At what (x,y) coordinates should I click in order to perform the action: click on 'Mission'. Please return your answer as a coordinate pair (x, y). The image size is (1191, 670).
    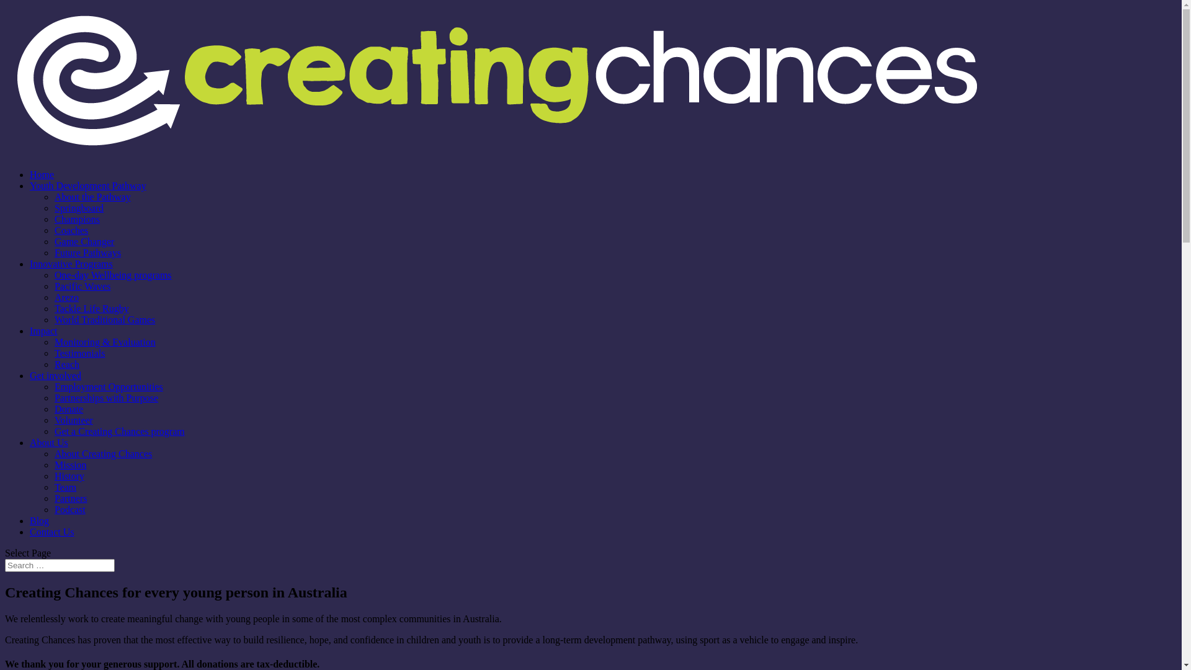
    Looking at the image, I should click on (70, 465).